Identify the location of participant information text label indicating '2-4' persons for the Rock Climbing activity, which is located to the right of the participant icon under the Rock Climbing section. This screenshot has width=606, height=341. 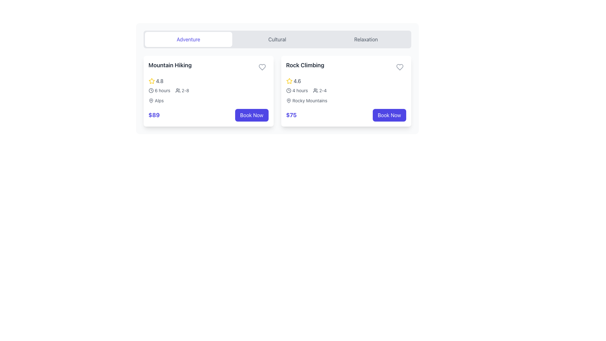
(323, 90).